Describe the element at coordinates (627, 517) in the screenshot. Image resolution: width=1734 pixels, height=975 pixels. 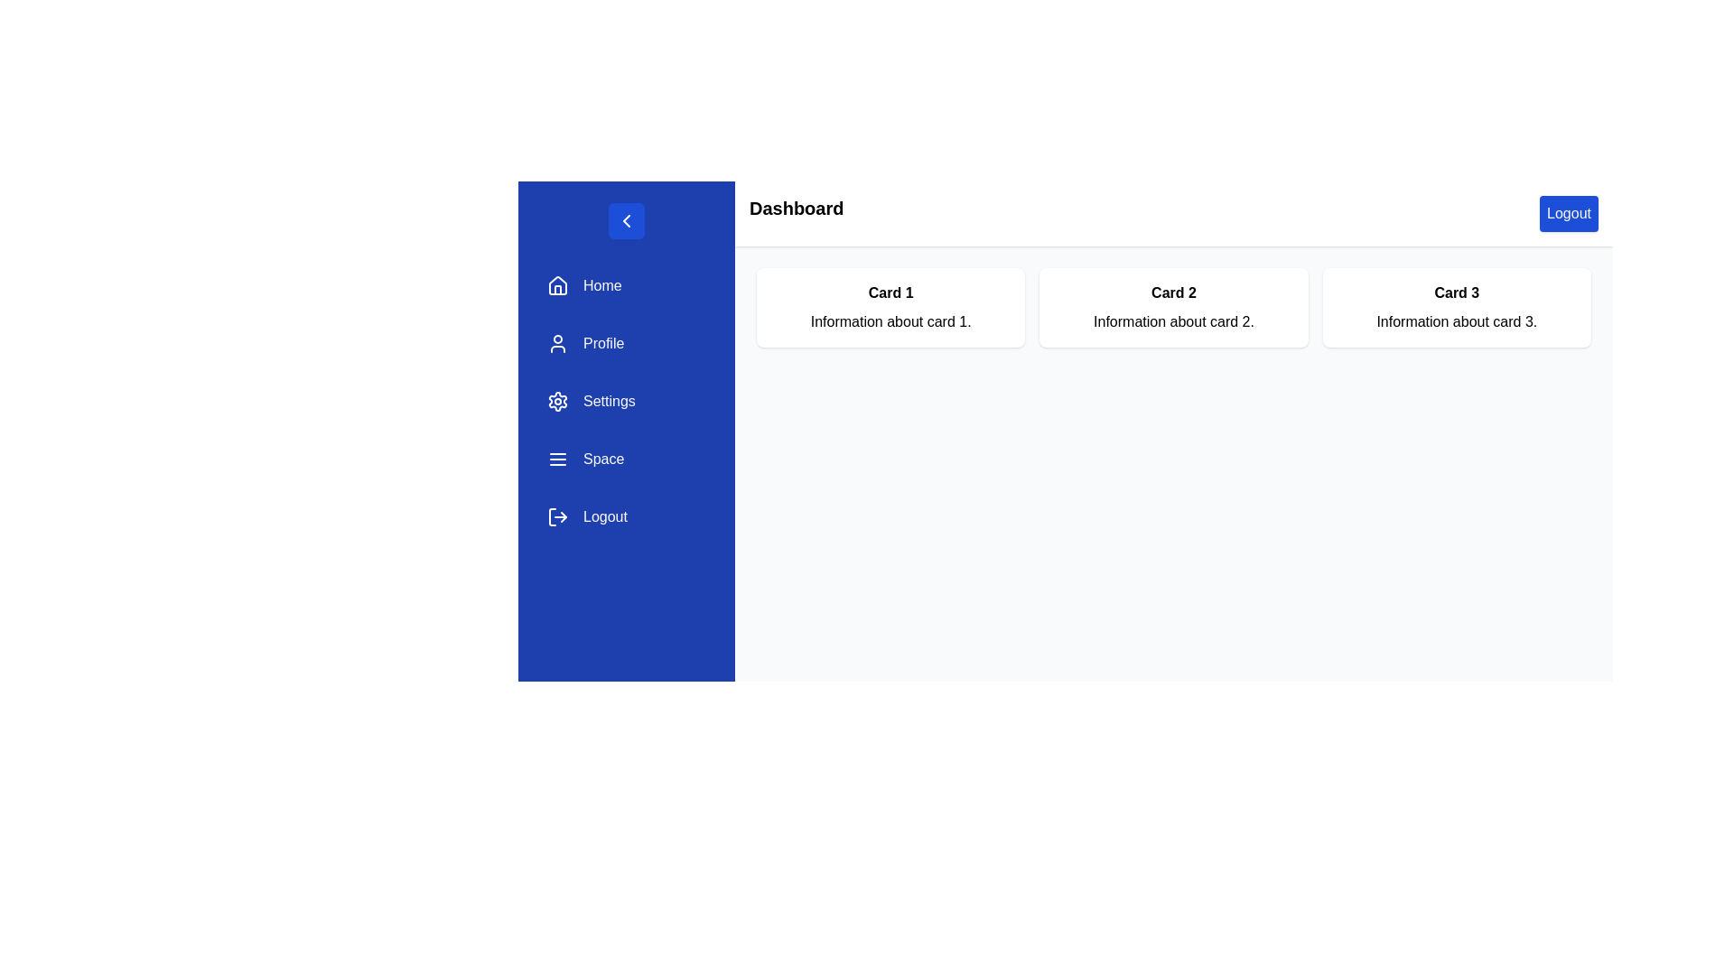
I see `the 'Logout' button located in the bottom-left corner of the vertical navigation menu` at that location.